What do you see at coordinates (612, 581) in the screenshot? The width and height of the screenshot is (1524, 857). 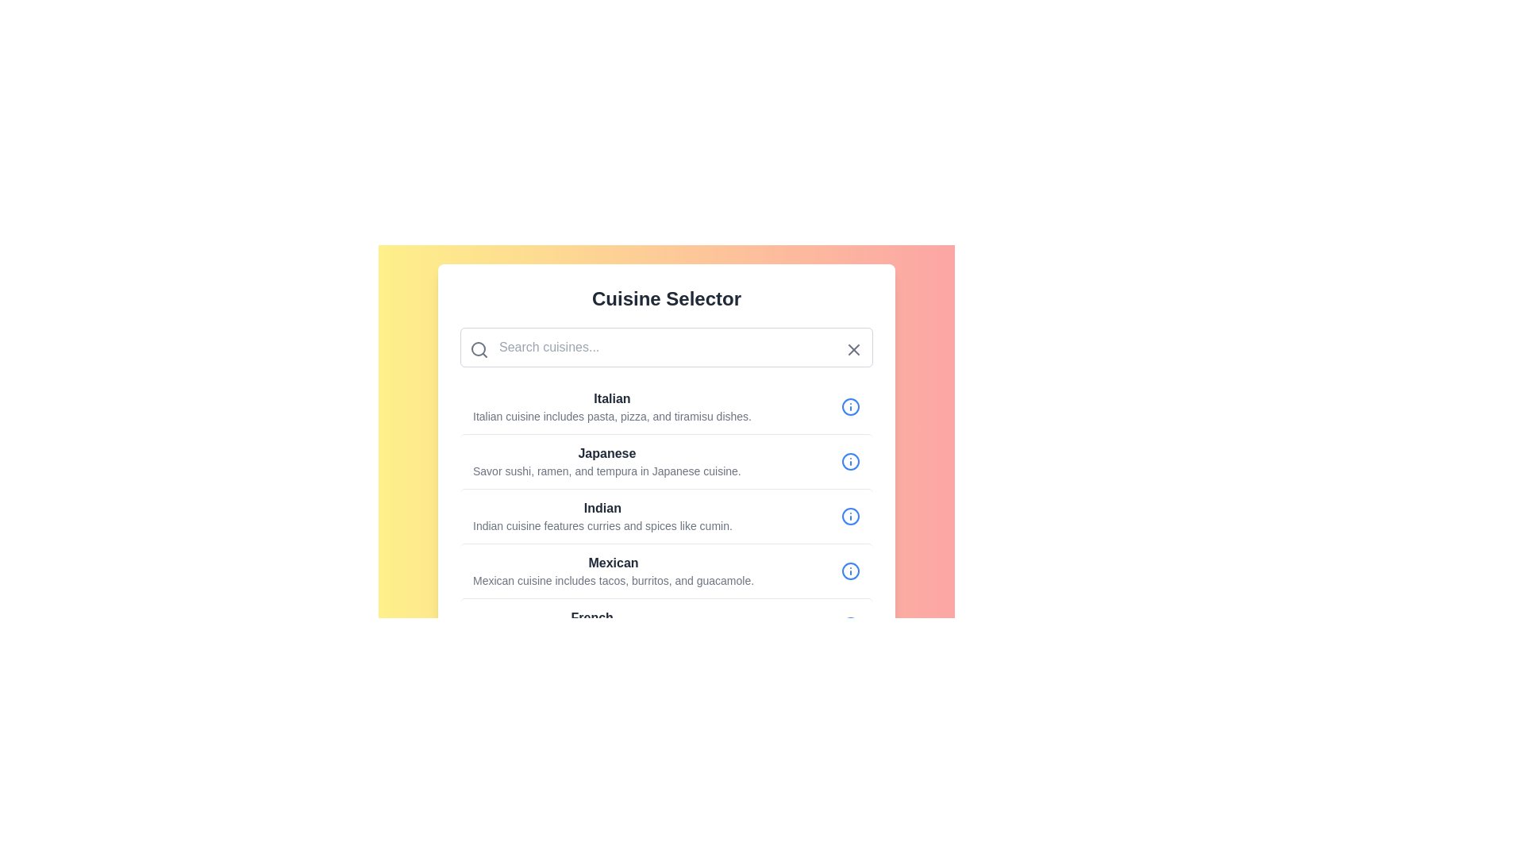 I see `the descriptive text about Mexican cuisine located below the bold text 'Mexican' and to the left of the informational icon in the 'Cuisine Selector' interface` at bounding box center [612, 581].